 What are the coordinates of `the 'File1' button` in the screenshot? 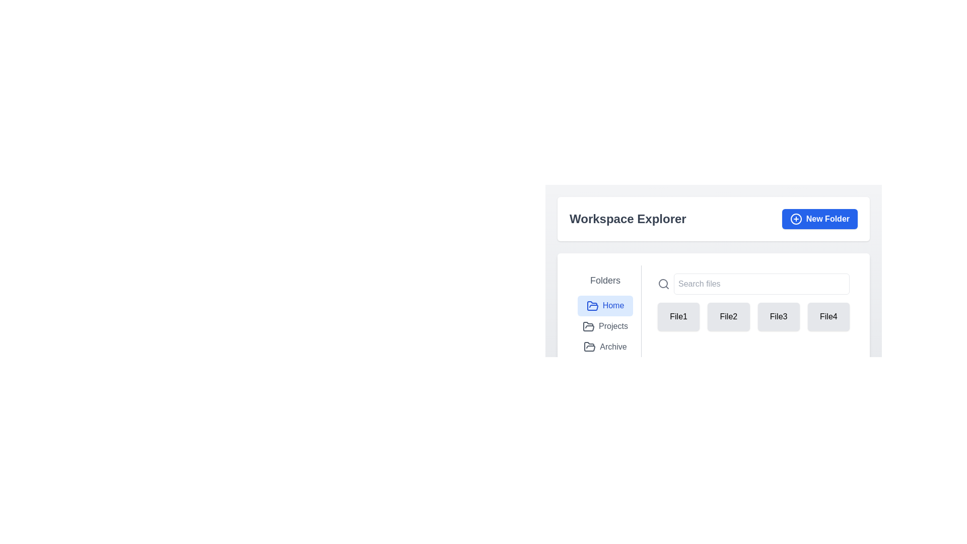 It's located at (678, 316).